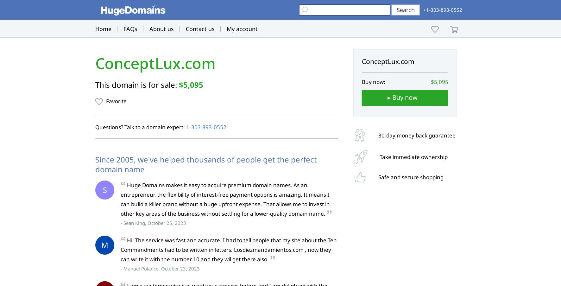 Image resolution: width=561 pixels, height=286 pixels. What do you see at coordinates (160, 269) in the screenshot?
I see `'- Manuel Polanco, October 23, 2023'` at bounding box center [160, 269].